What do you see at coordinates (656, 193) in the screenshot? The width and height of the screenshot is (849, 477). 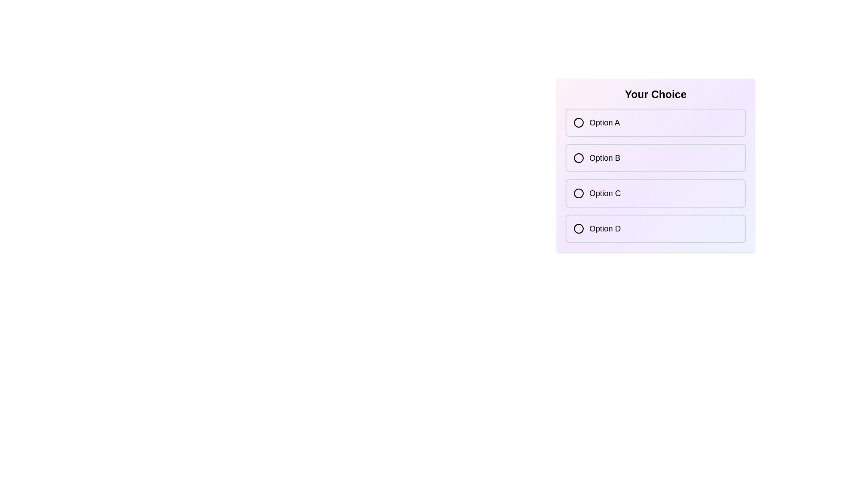 I see `the option Option C from the list` at bounding box center [656, 193].